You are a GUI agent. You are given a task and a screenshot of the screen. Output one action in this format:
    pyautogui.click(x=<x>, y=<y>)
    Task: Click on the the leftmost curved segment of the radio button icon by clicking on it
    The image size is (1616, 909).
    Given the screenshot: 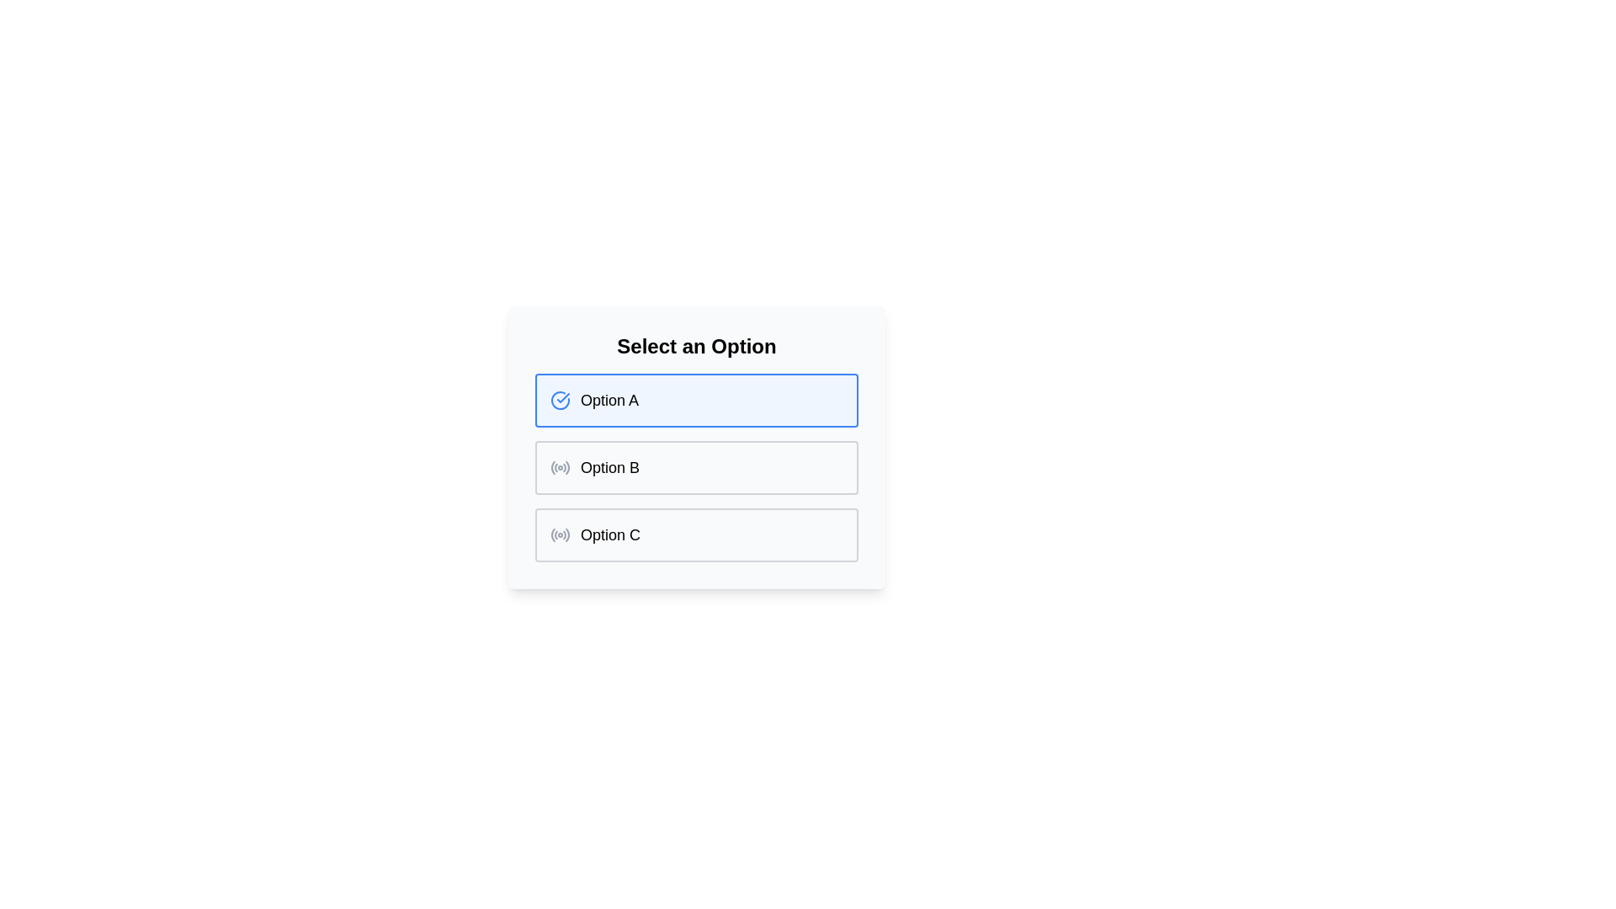 What is the action you would take?
    pyautogui.click(x=553, y=535)
    